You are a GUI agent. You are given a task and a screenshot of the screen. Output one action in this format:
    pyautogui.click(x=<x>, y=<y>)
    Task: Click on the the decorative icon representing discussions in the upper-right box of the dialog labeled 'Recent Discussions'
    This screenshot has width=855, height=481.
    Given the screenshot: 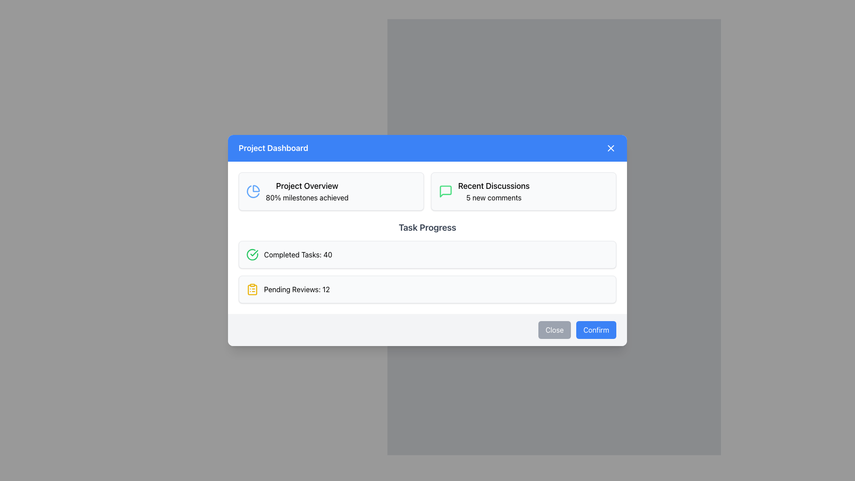 What is the action you would take?
    pyautogui.click(x=446, y=191)
    